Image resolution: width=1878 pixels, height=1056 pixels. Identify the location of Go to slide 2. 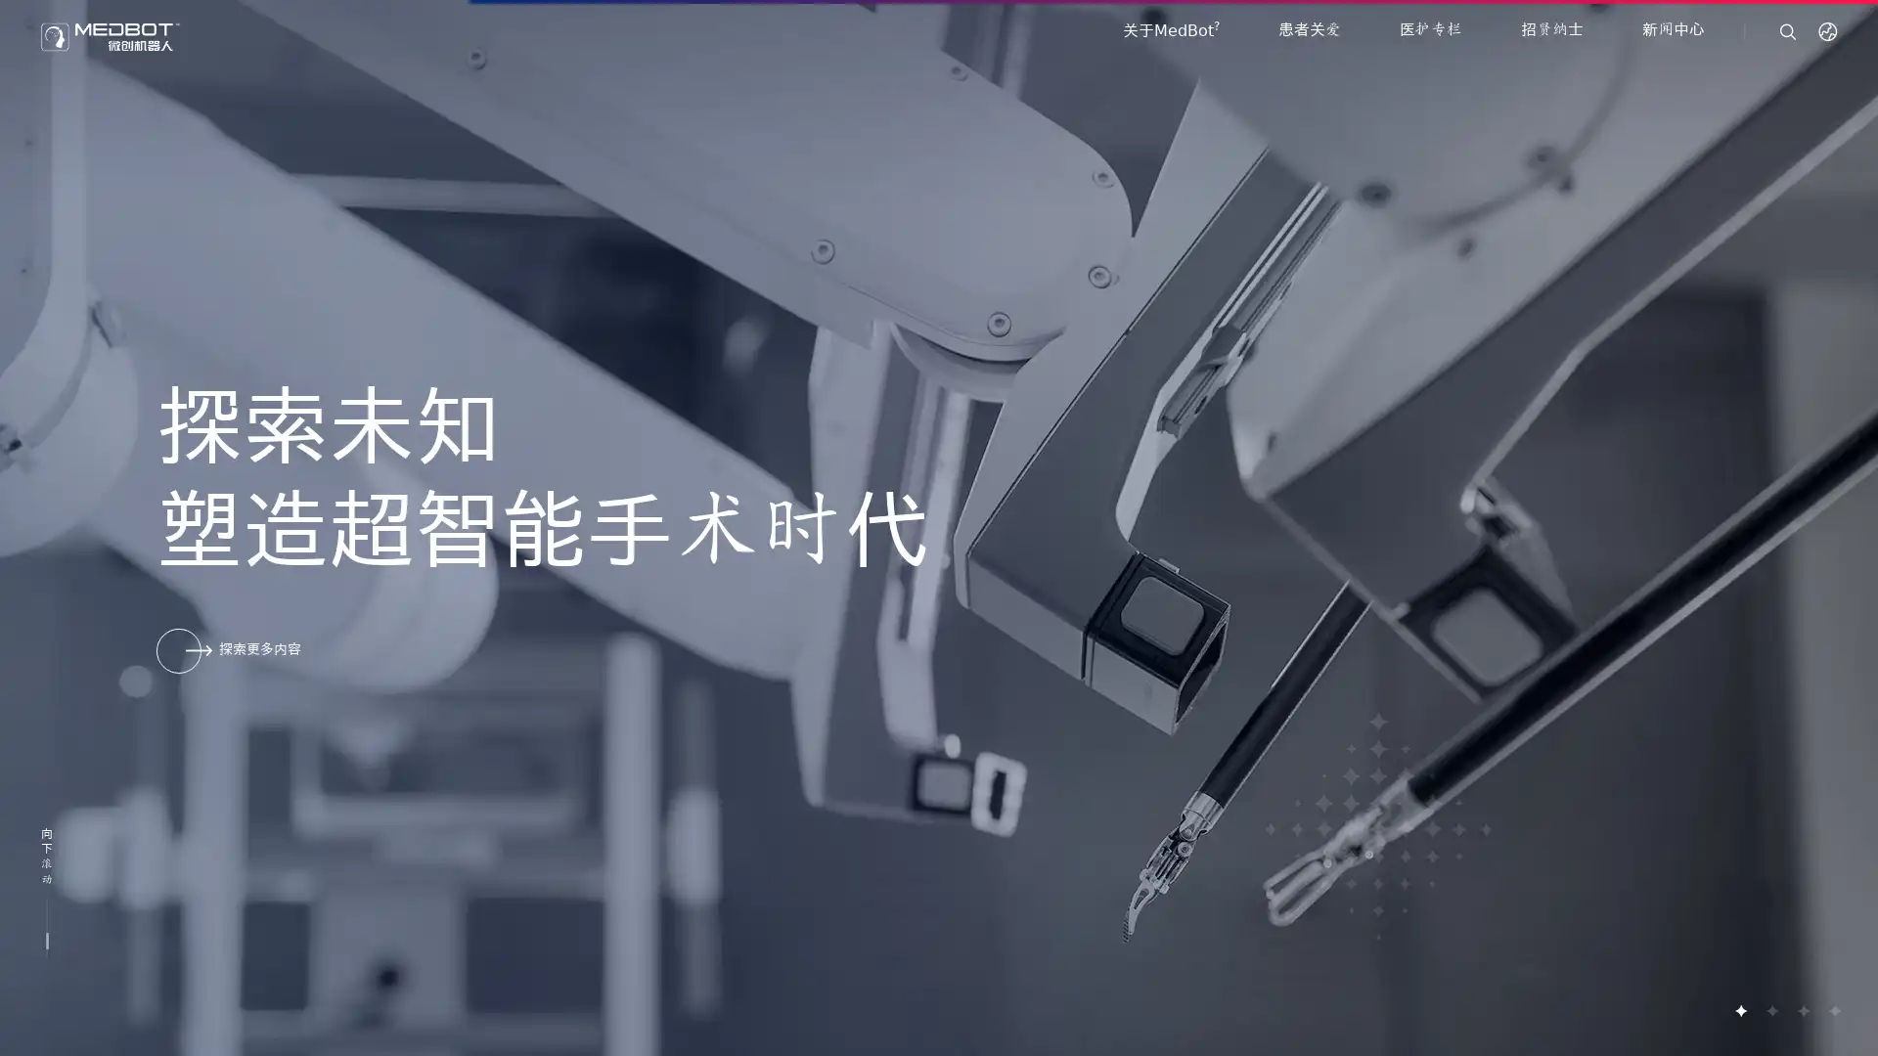
(1770, 1010).